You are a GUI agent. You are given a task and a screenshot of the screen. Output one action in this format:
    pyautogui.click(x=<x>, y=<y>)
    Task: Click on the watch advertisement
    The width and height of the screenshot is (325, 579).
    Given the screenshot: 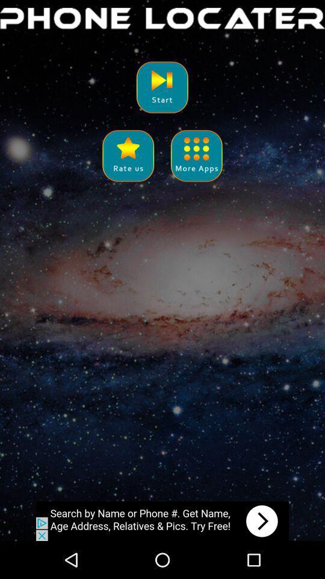 What is the action you would take?
    pyautogui.click(x=162, y=520)
    